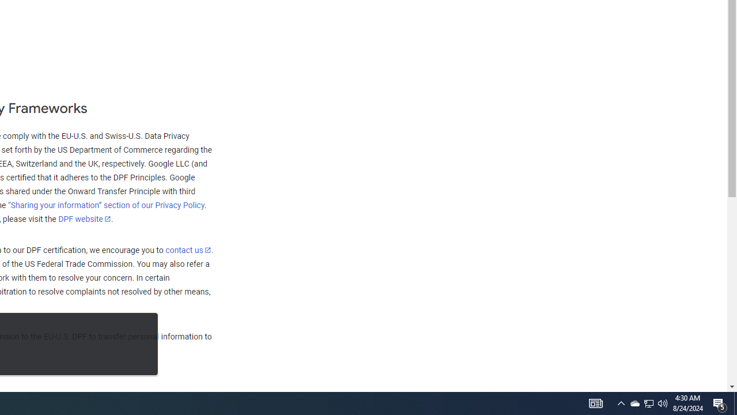  I want to click on 'DPF website', so click(84, 218).